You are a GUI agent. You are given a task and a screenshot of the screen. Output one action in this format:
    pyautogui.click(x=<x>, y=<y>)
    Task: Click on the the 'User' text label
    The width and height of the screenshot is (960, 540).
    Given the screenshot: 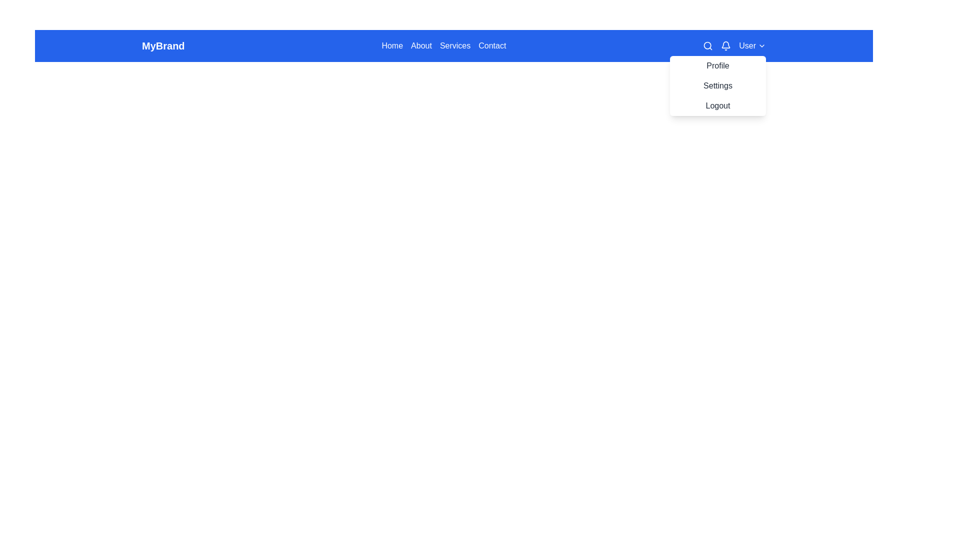 What is the action you would take?
    pyautogui.click(x=747, y=46)
    